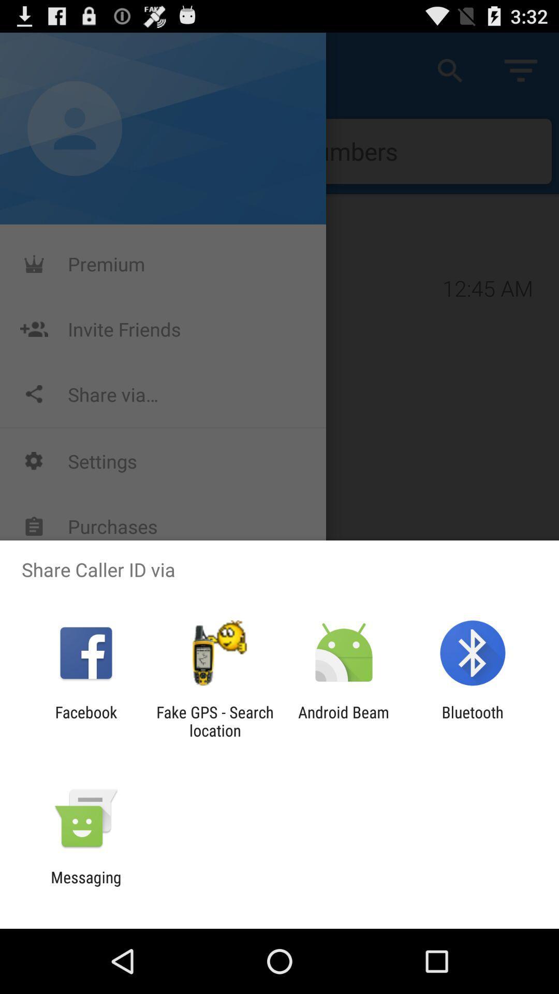 The image size is (559, 994). Describe the element at coordinates (85, 721) in the screenshot. I see `the facebook app` at that location.